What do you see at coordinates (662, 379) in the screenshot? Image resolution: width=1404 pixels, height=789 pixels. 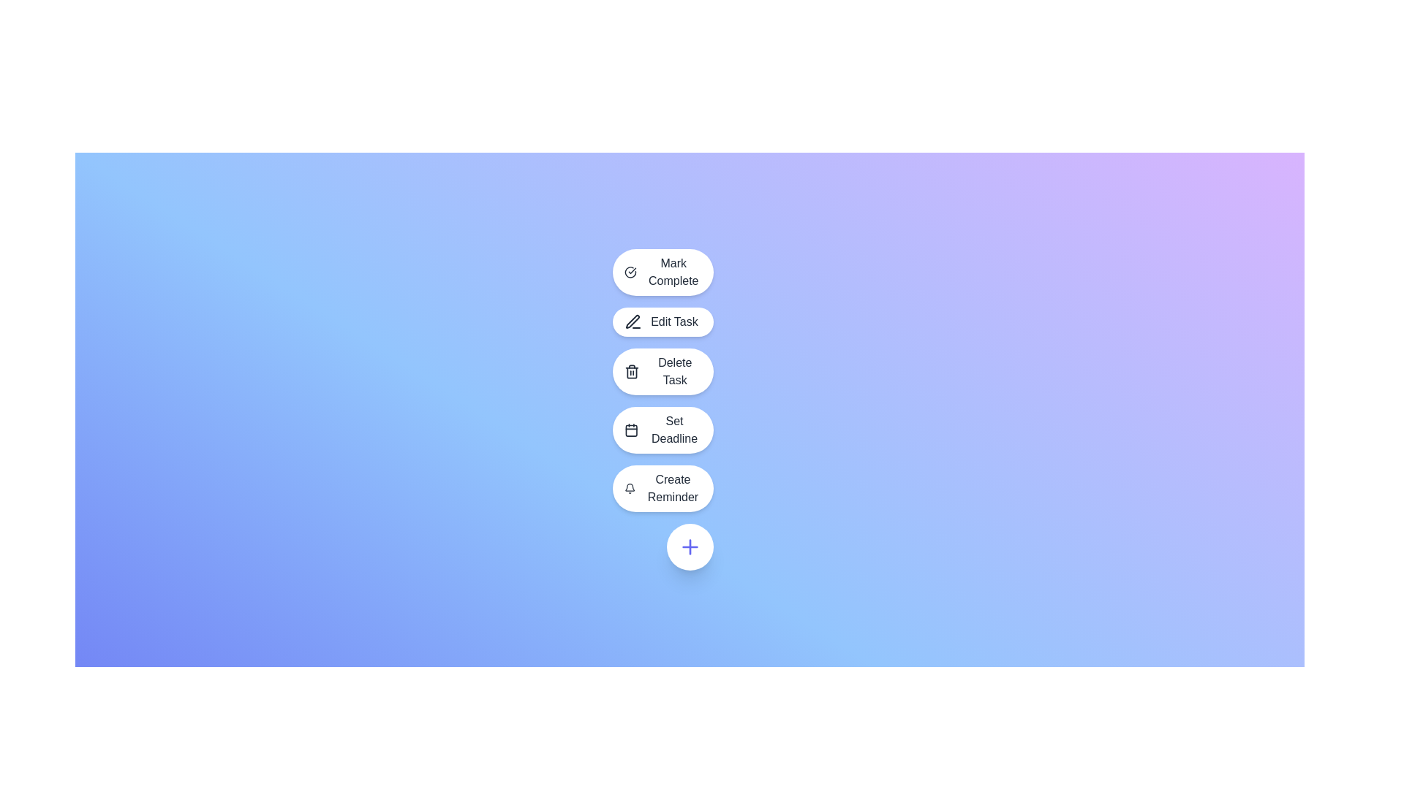 I see `the dropdown menu with multiple interactive options` at bounding box center [662, 379].